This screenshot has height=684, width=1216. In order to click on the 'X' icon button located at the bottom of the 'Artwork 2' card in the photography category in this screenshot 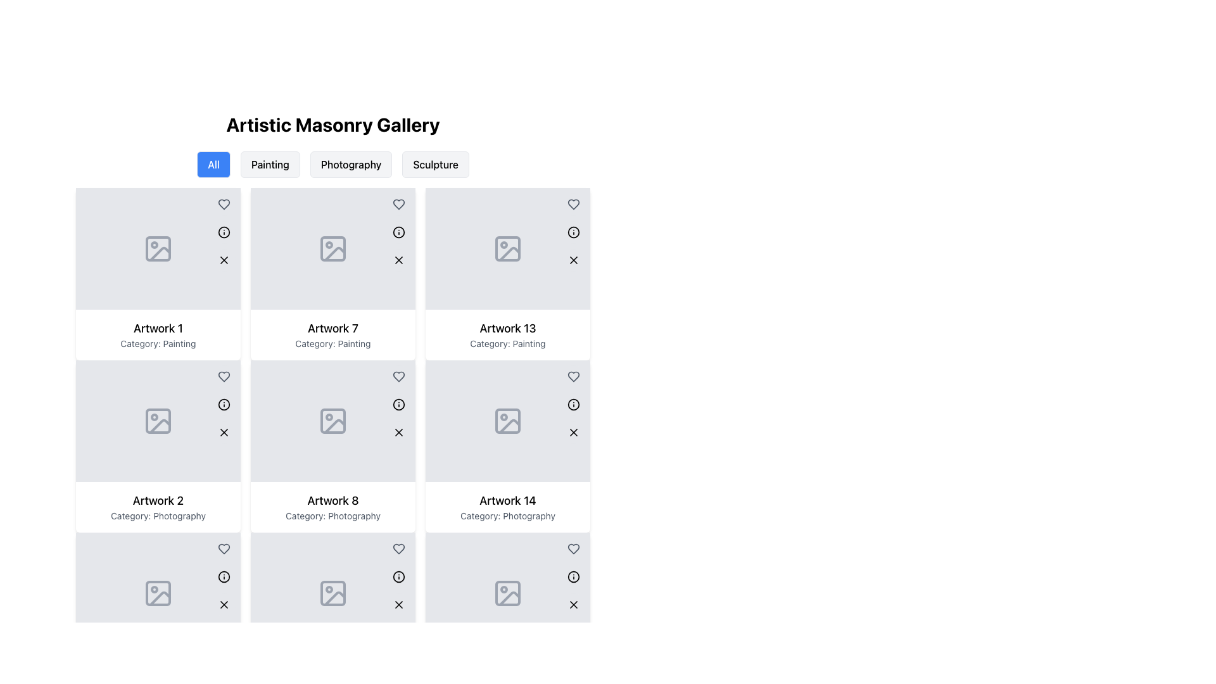, I will do `click(224, 604)`.